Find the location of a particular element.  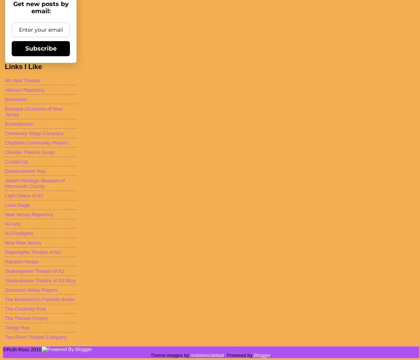

'Luna Stage' is located at coordinates (17, 204).